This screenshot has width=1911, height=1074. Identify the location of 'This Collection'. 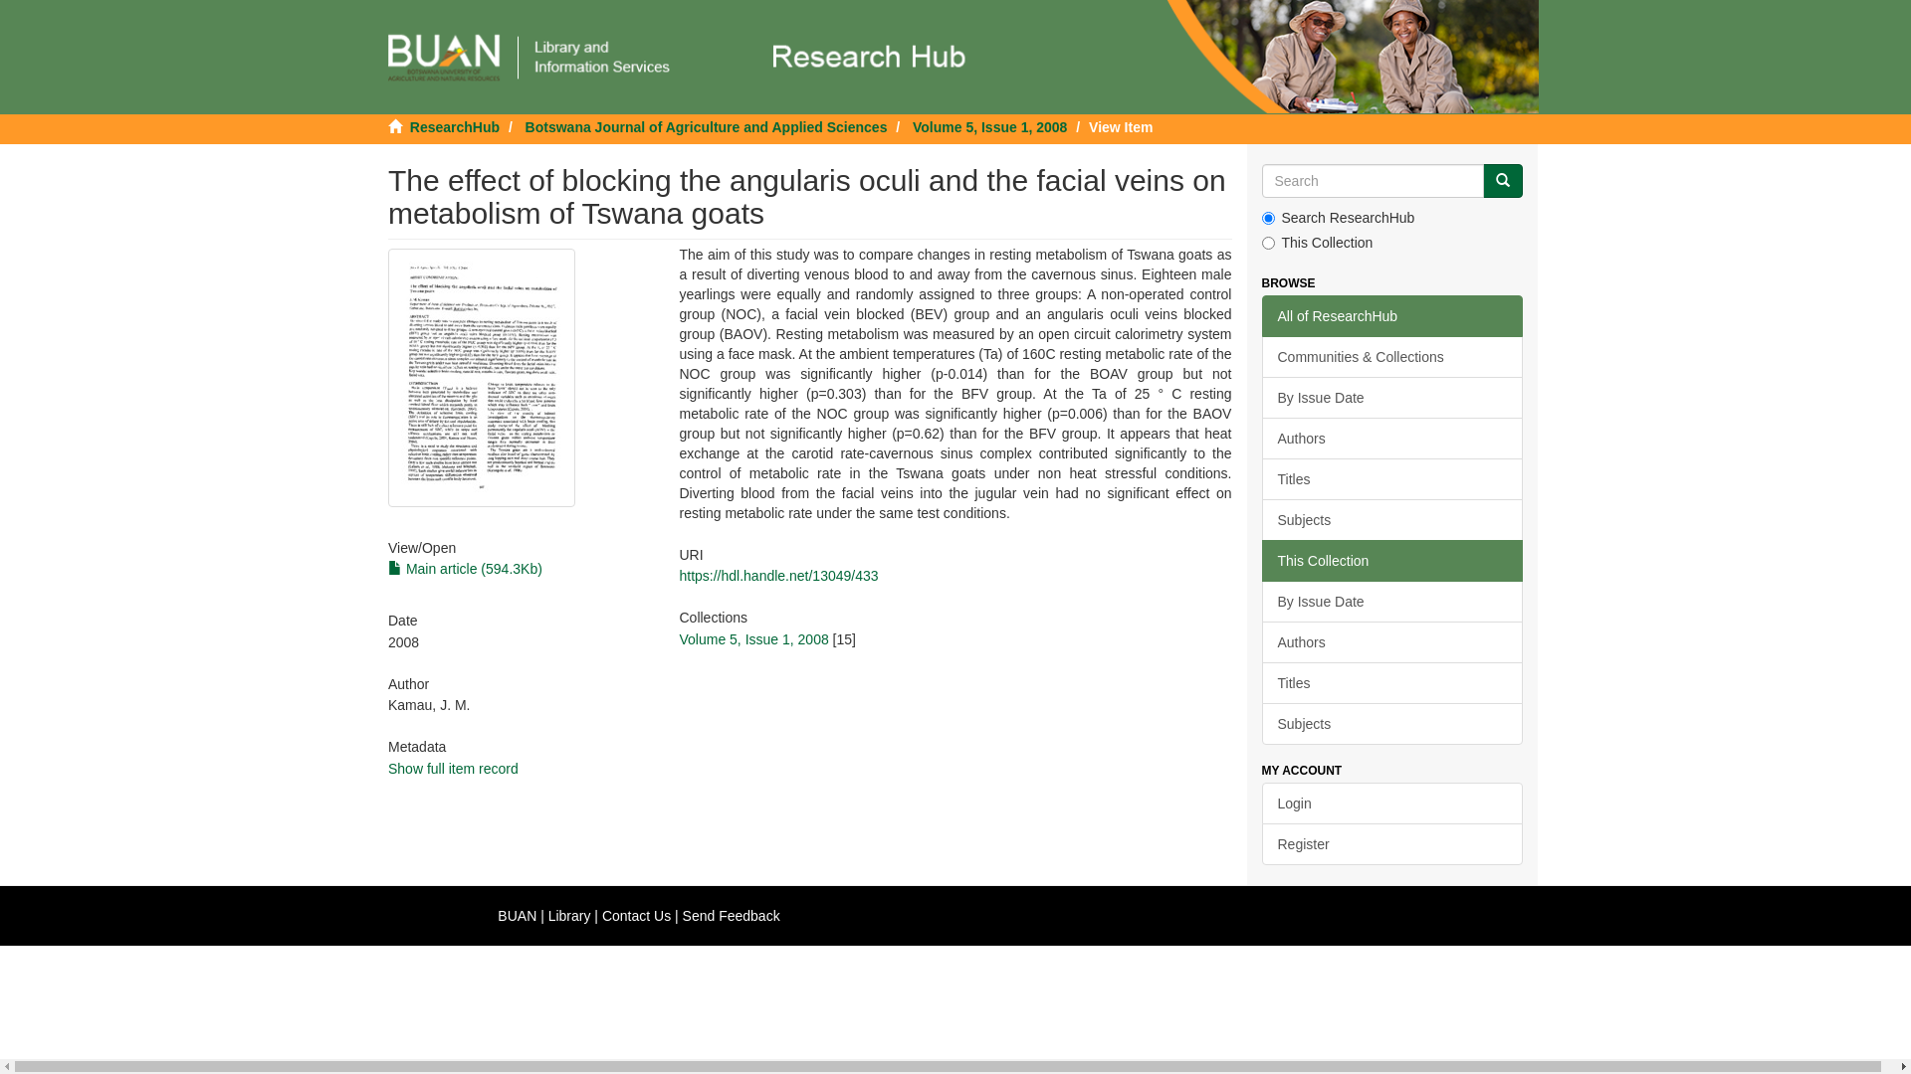
(1391, 560).